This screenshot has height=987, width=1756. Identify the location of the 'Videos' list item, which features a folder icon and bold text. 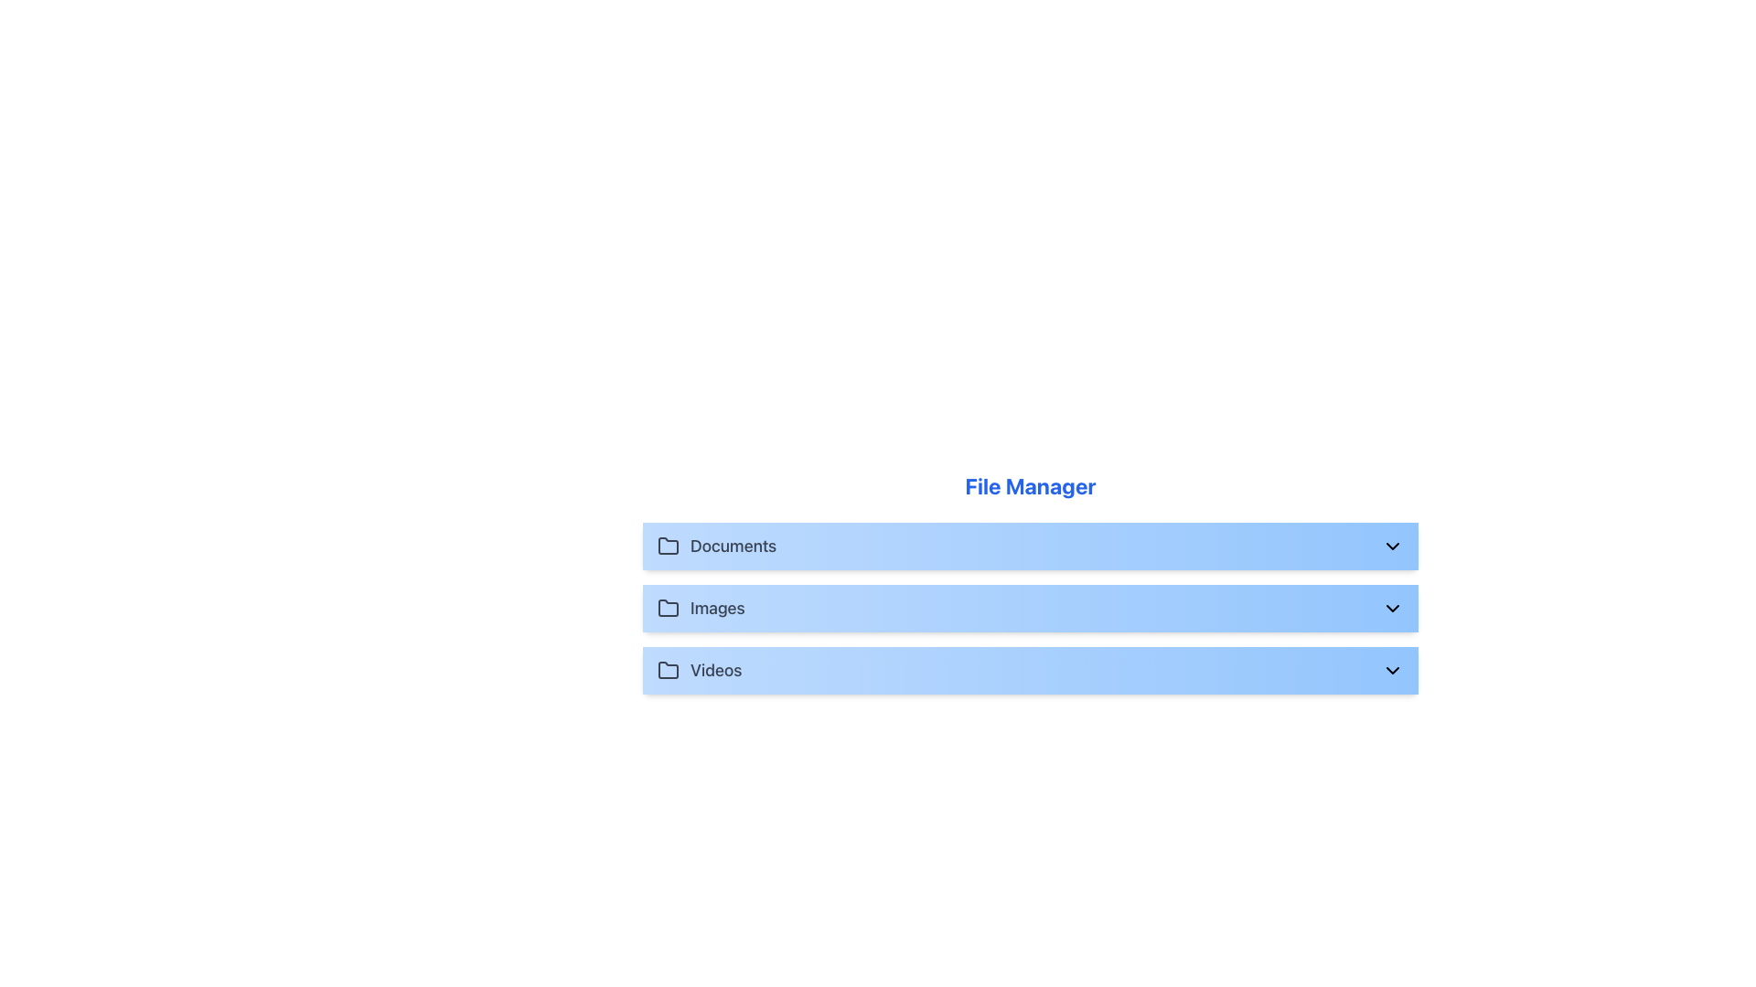
(699, 670).